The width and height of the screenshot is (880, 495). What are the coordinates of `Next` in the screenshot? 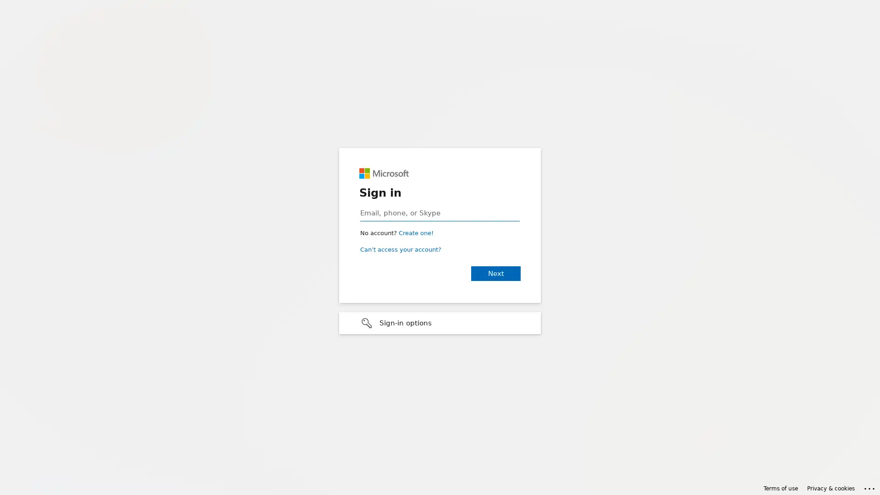 It's located at (495, 273).